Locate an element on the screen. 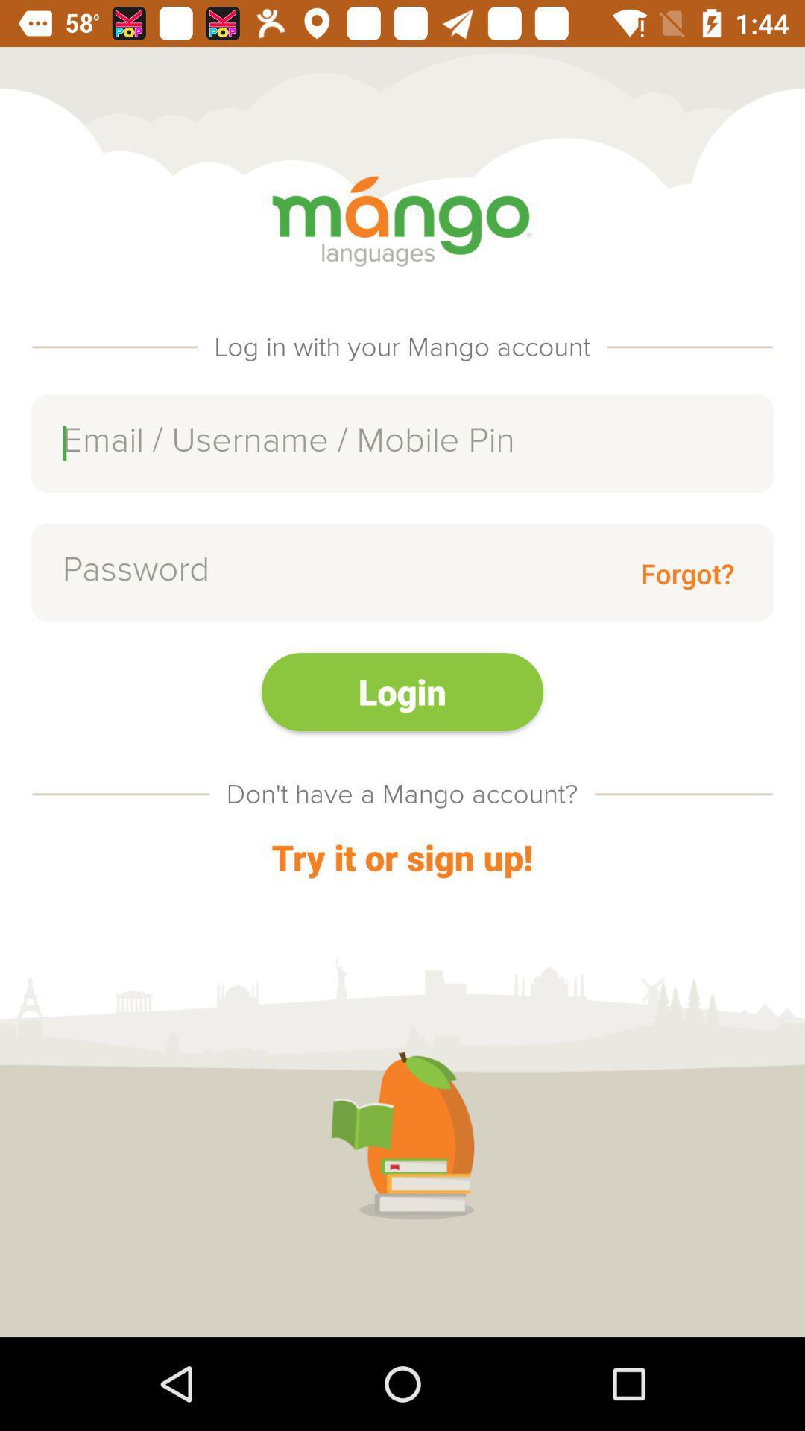  the login item is located at coordinates (402, 691).